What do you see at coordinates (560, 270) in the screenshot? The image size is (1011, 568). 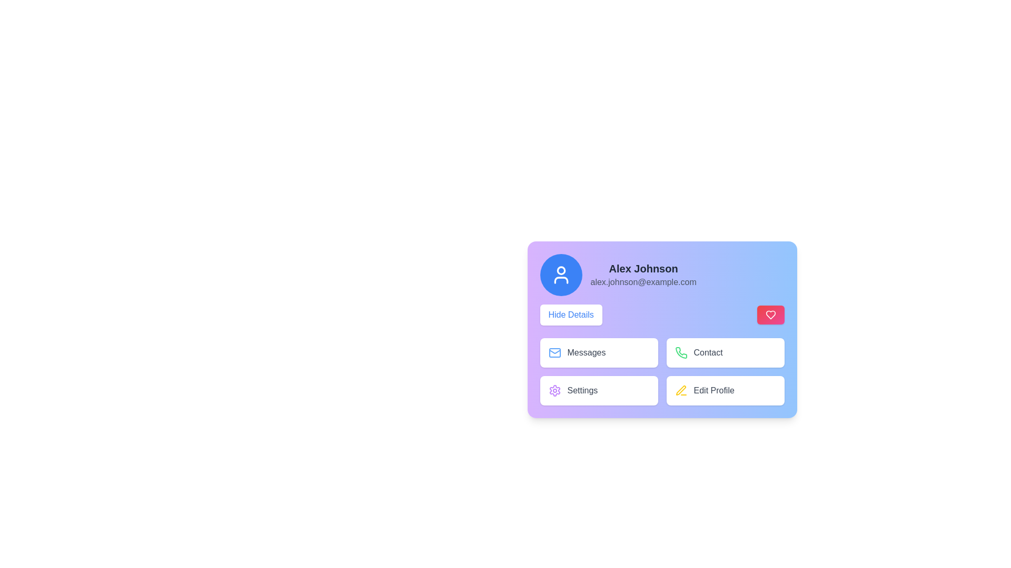 I see `the circular graphical representation of the avatar located in the central upper portion of the avatar component` at bounding box center [560, 270].